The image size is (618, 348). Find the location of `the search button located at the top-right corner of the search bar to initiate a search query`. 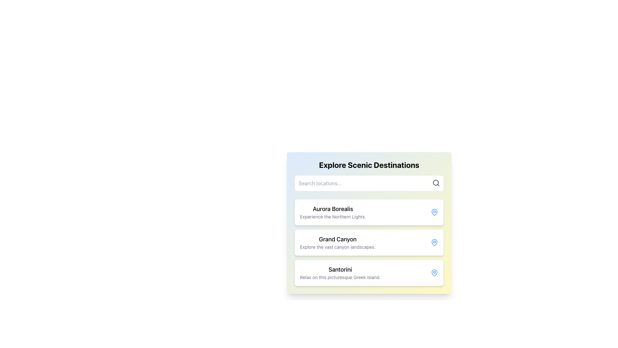

the search button located at the top-right corner of the search bar to initiate a search query is located at coordinates (436, 183).